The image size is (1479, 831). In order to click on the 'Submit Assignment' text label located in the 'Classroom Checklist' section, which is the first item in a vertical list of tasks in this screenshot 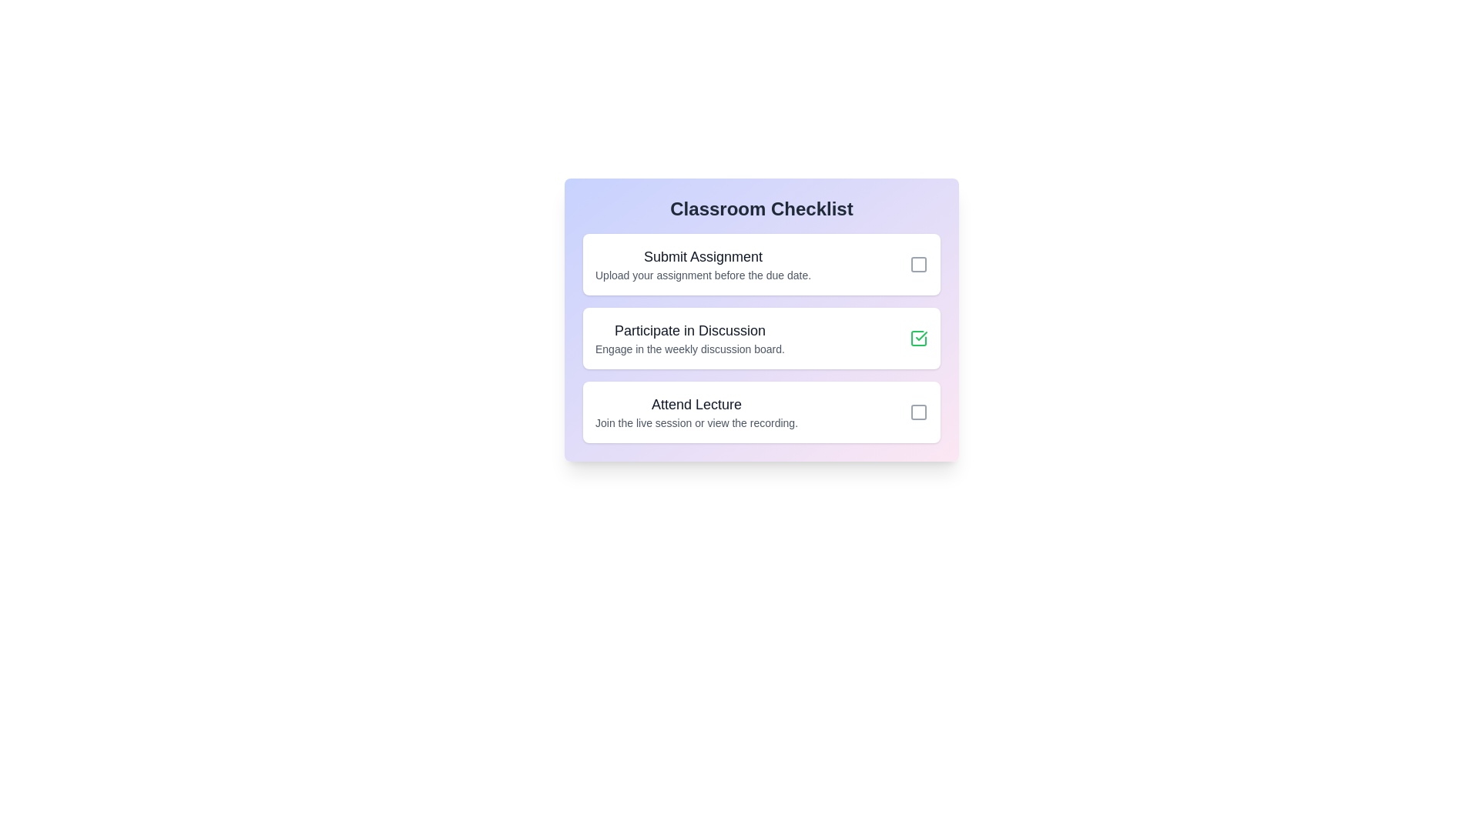, I will do `click(703, 256)`.